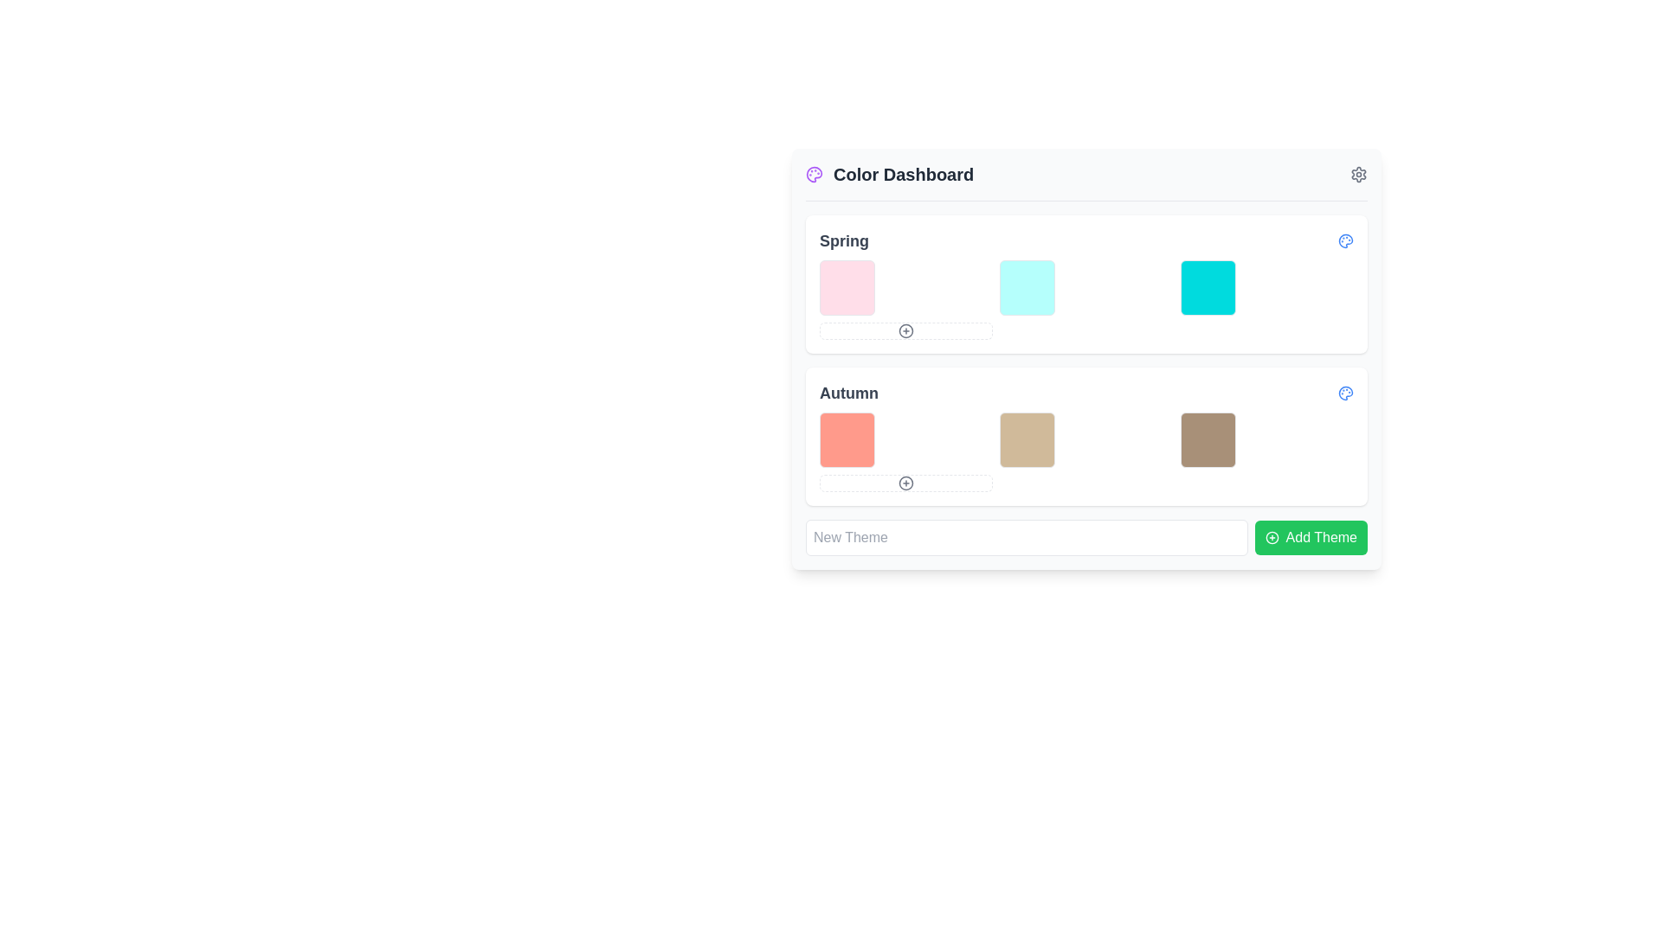 Image resolution: width=1662 pixels, height=934 pixels. What do you see at coordinates (1311, 536) in the screenshot?
I see `the 'Add Theme' button, which is a green rectangular button with rounded corners and a '+' icon on the left side of the text` at bounding box center [1311, 536].